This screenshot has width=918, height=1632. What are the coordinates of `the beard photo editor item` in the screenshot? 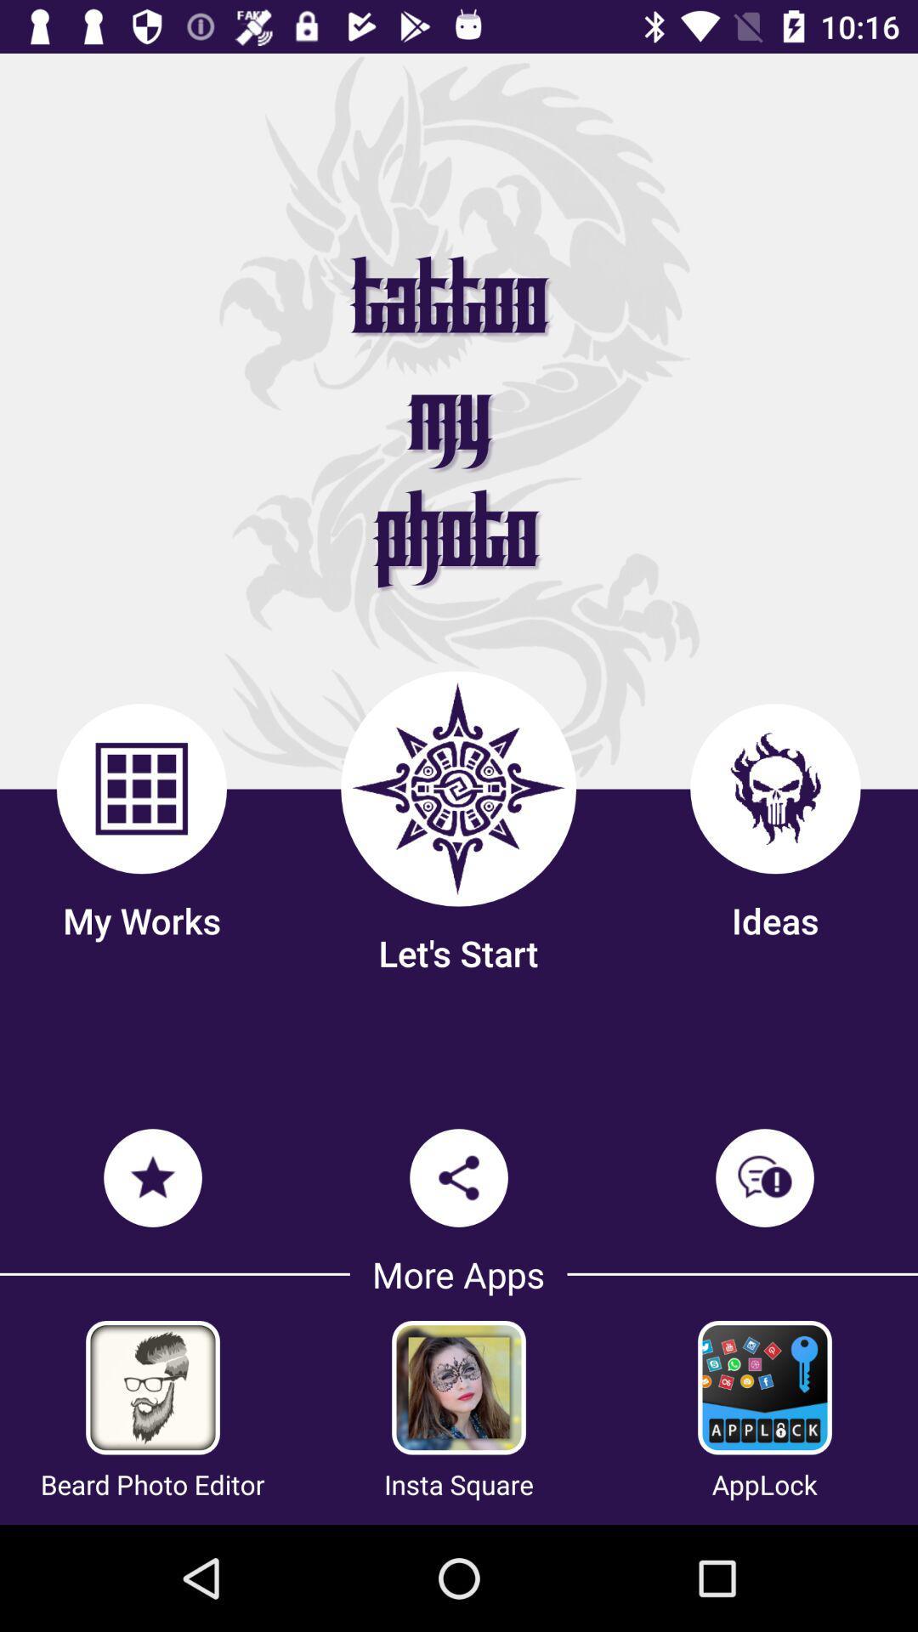 It's located at (151, 1483).